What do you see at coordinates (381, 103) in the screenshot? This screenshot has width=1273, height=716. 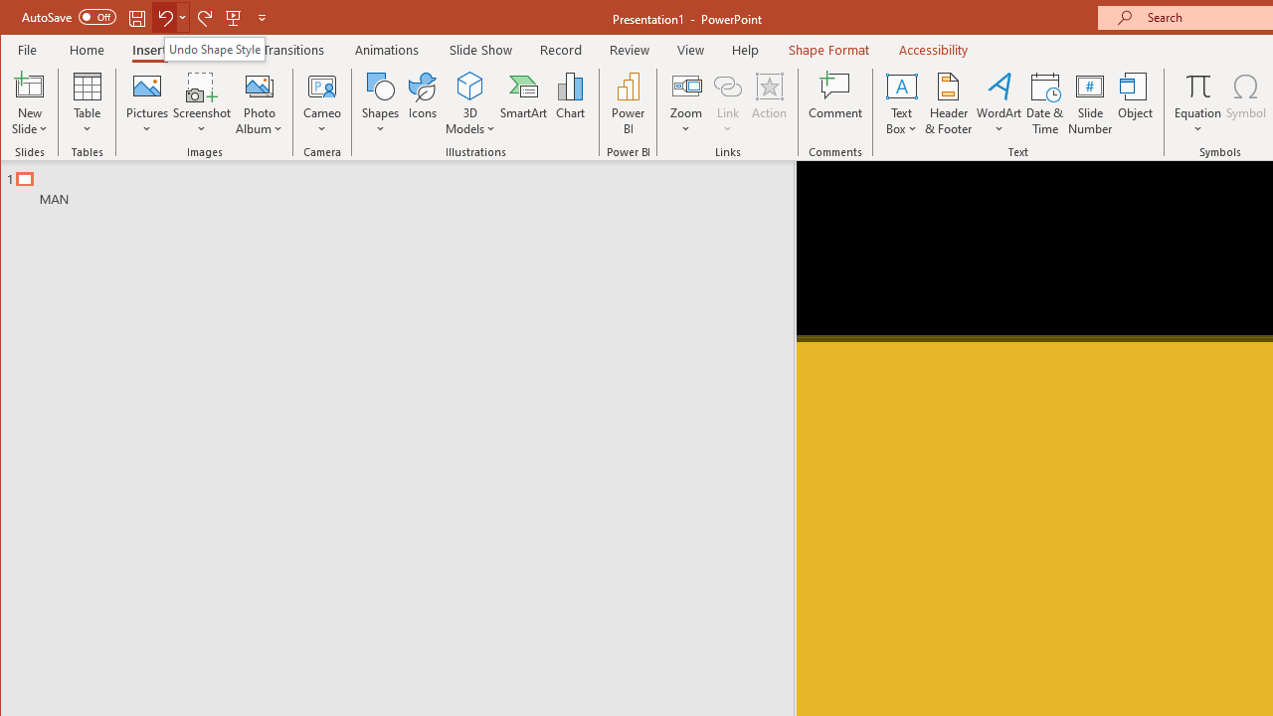 I see `'Shapes'` at bounding box center [381, 103].